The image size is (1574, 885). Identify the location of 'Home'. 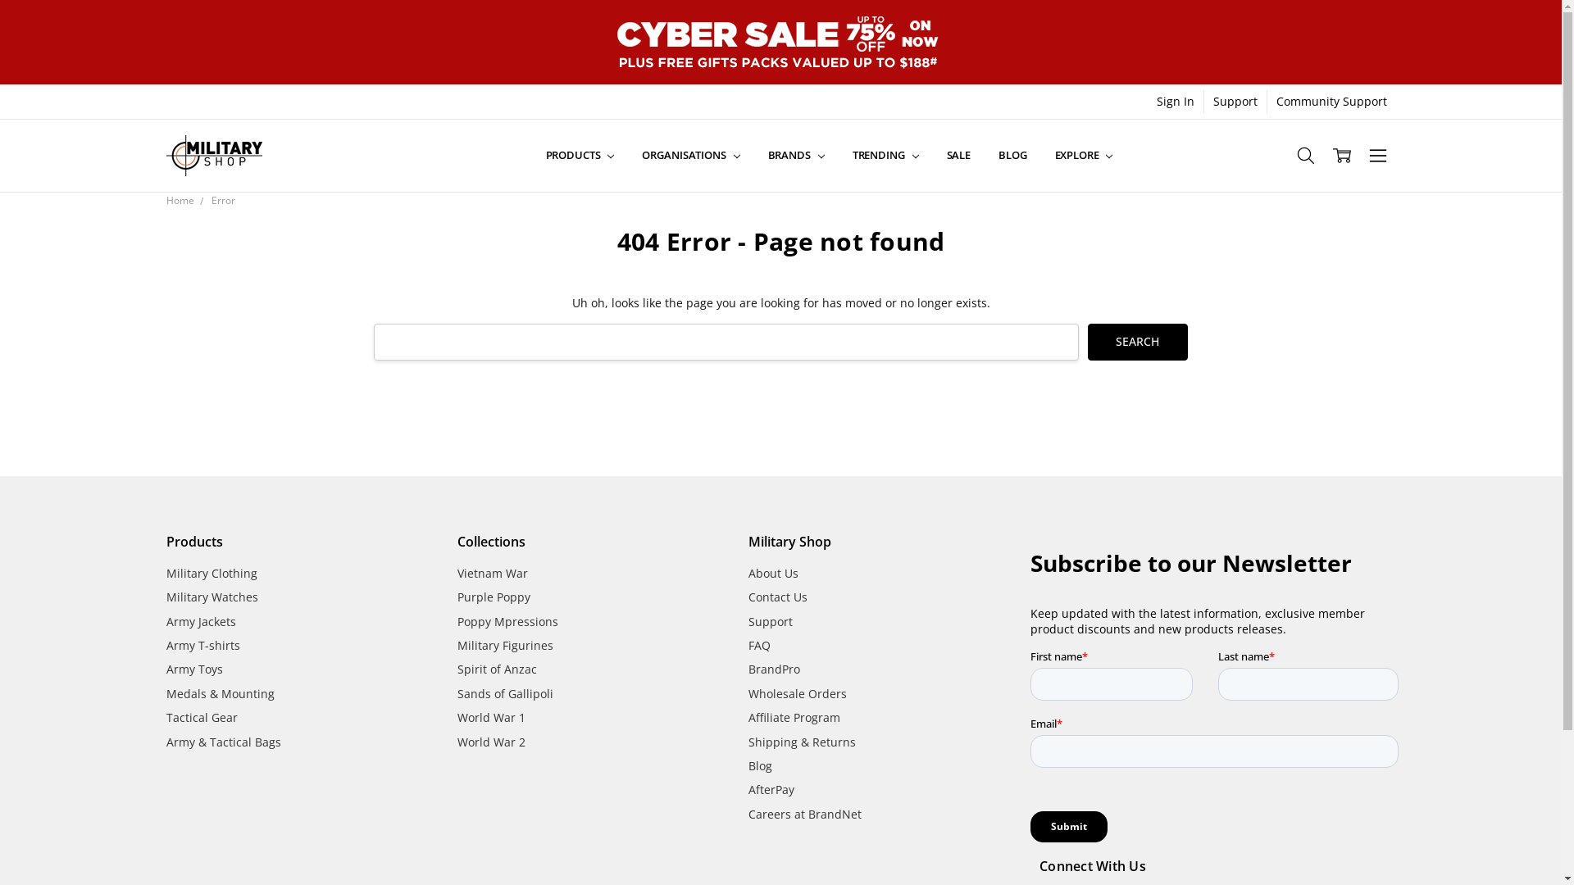
(180, 199).